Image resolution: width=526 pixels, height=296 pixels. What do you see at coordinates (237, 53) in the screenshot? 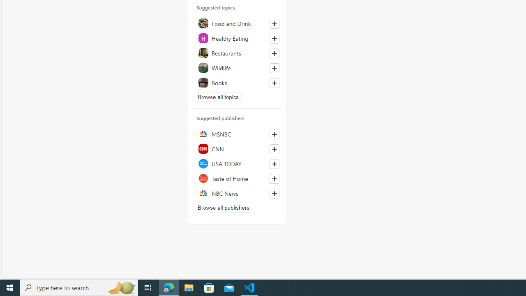
I see `'Restaurants'` at bounding box center [237, 53].